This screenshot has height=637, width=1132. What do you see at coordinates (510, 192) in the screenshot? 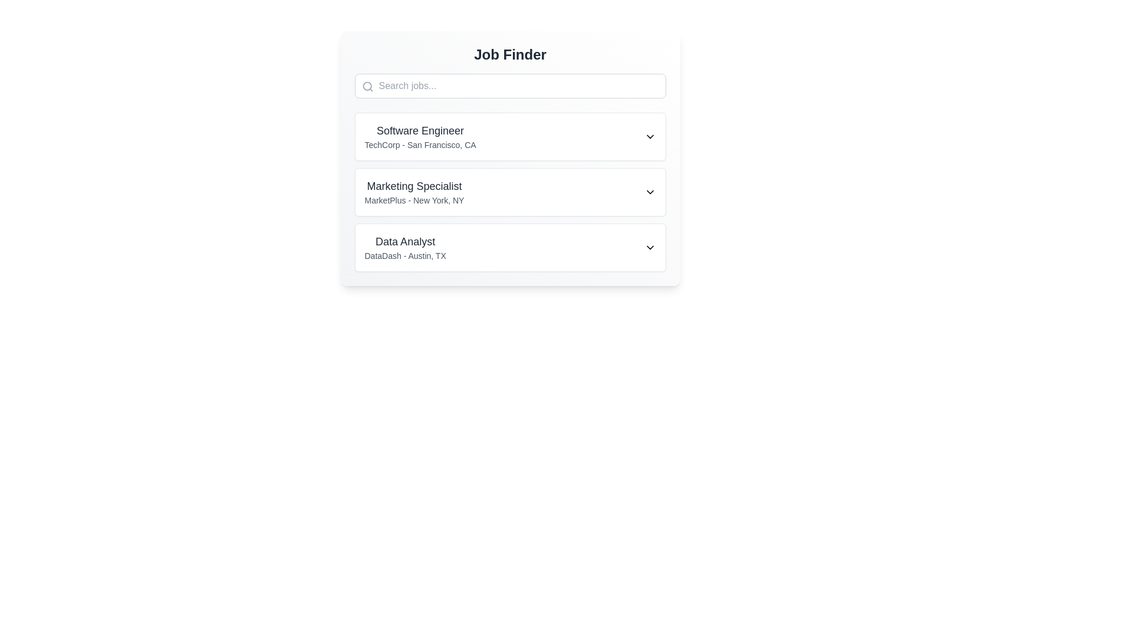
I see `the job listing for 'Marketing Specialist'` at bounding box center [510, 192].